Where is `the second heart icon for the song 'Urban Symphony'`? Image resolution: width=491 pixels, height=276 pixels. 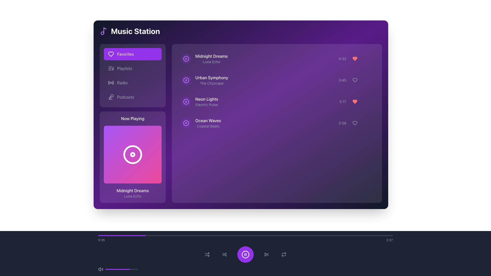
the second heart icon for the song 'Urban Symphony' is located at coordinates (354, 80).